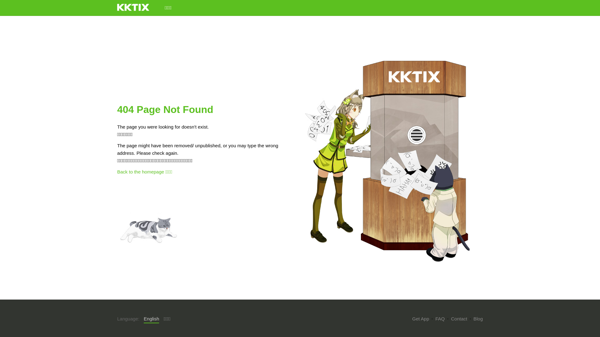 The image size is (600, 337). Describe the element at coordinates (451, 319) in the screenshot. I see `'Contact'` at that location.